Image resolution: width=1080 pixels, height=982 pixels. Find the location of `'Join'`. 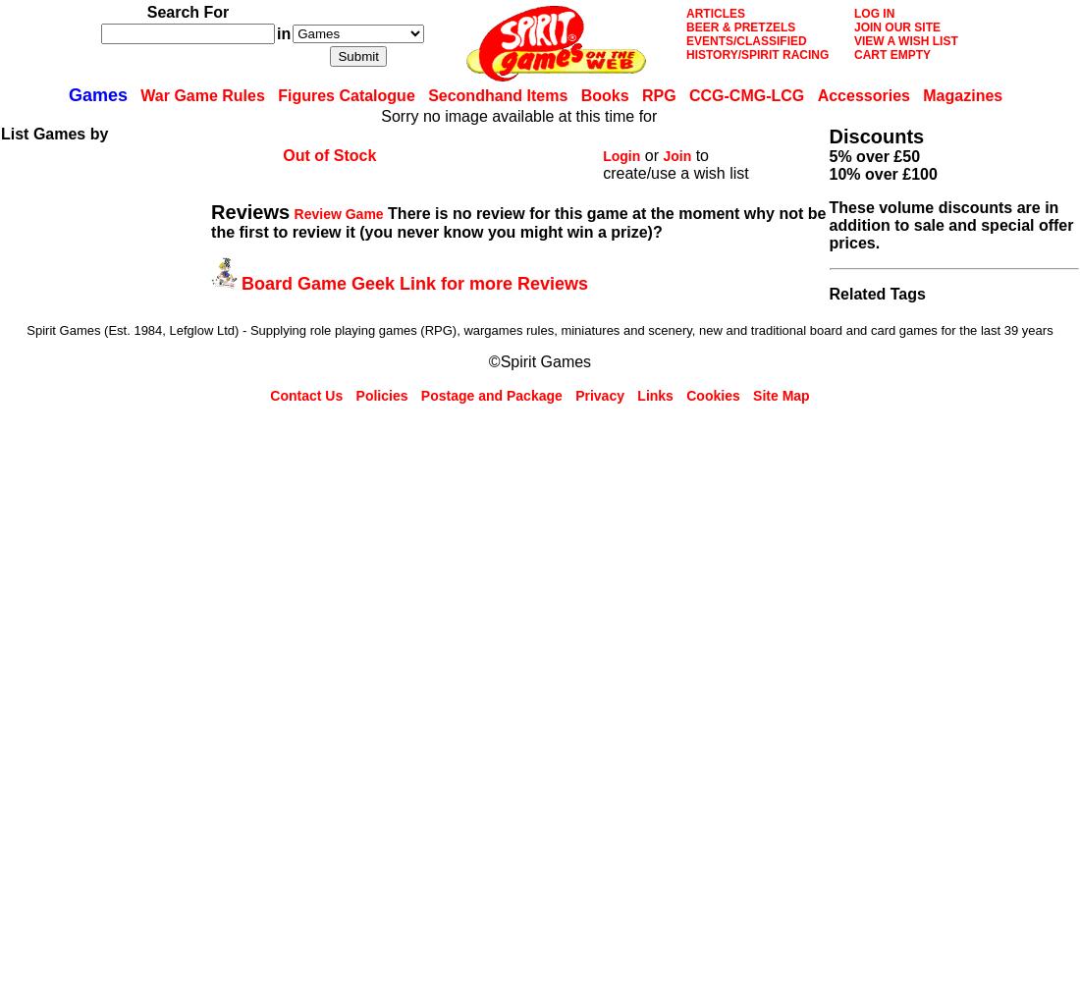

'Join' is located at coordinates (675, 155).